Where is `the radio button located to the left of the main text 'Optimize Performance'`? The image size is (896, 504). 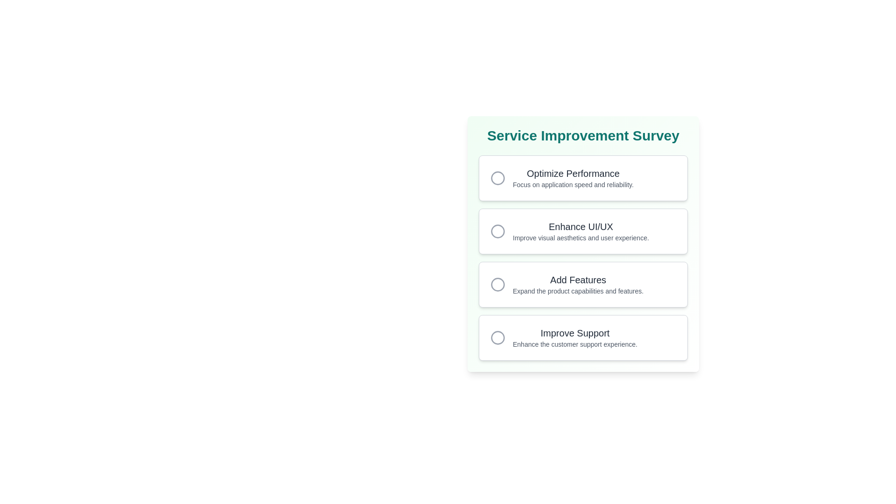 the radio button located to the left of the main text 'Optimize Performance' is located at coordinates (497, 178).